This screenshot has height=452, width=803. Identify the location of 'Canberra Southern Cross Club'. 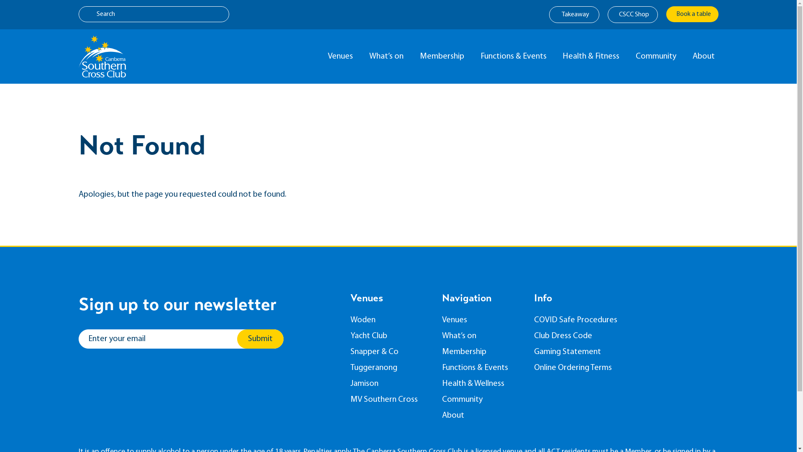
(102, 56).